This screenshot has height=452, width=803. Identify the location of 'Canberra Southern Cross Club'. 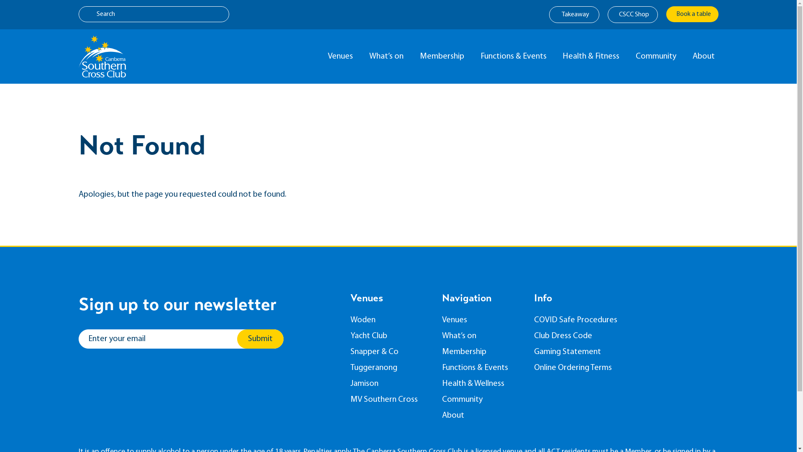
(102, 56).